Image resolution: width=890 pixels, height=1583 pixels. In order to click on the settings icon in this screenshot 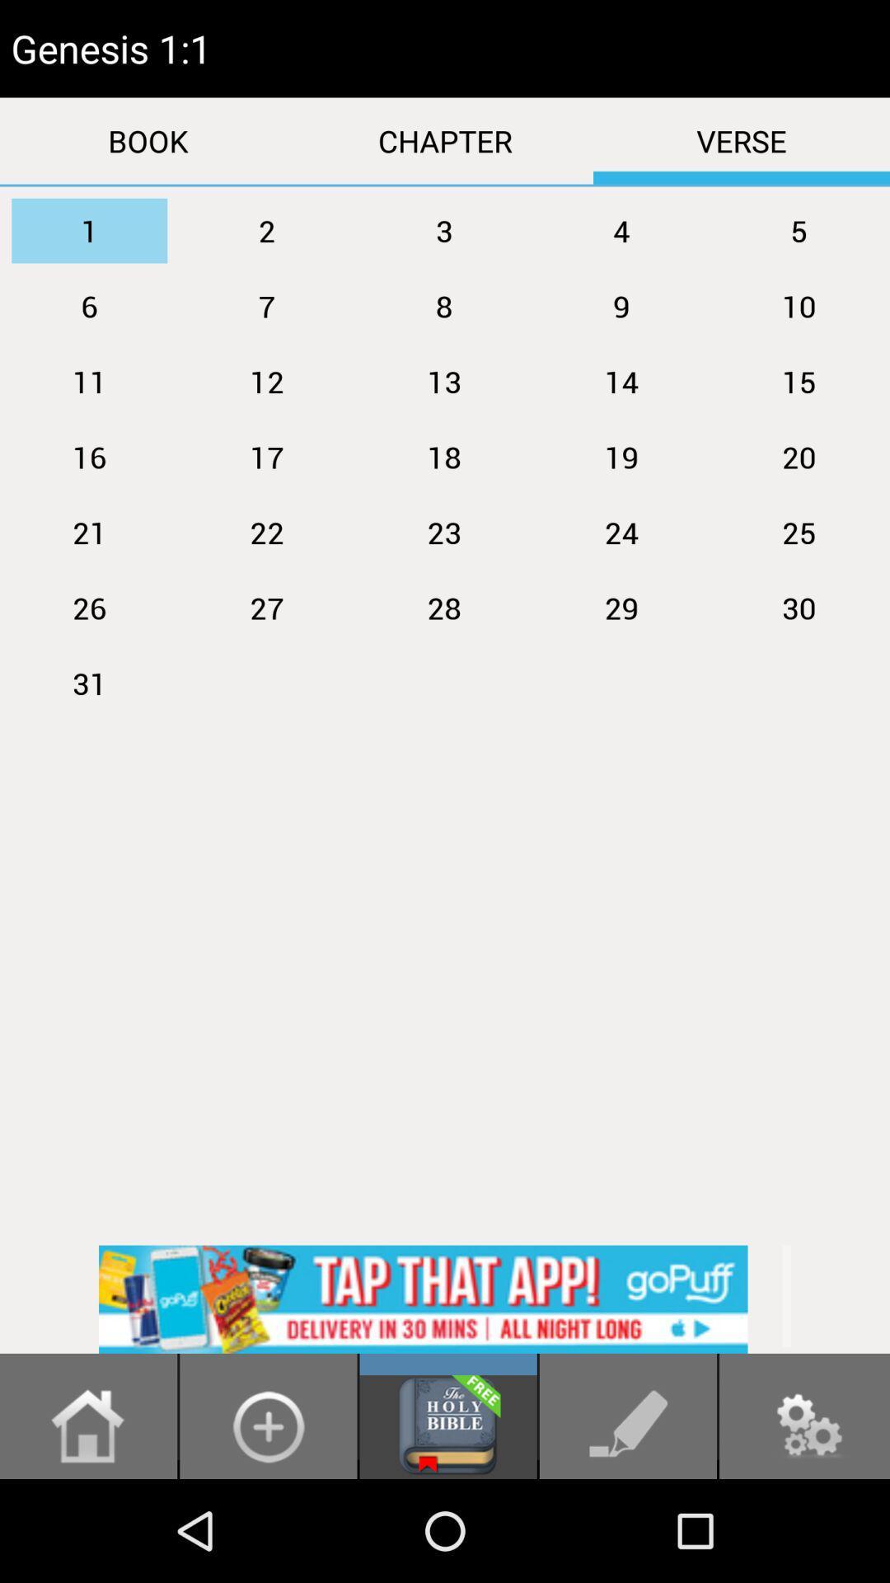, I will do `click(803, 1526)`.